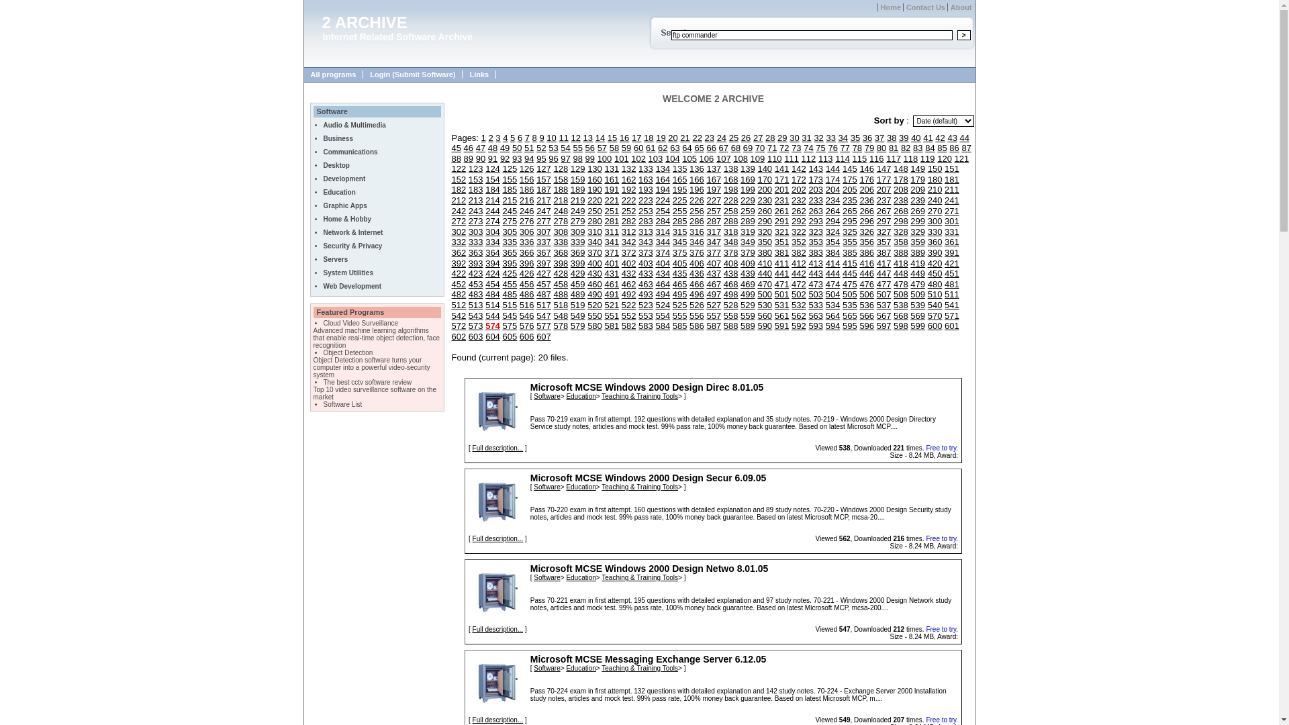 This screenshot has height=725, width=1289. I want to click on '50', so click(516, 148).